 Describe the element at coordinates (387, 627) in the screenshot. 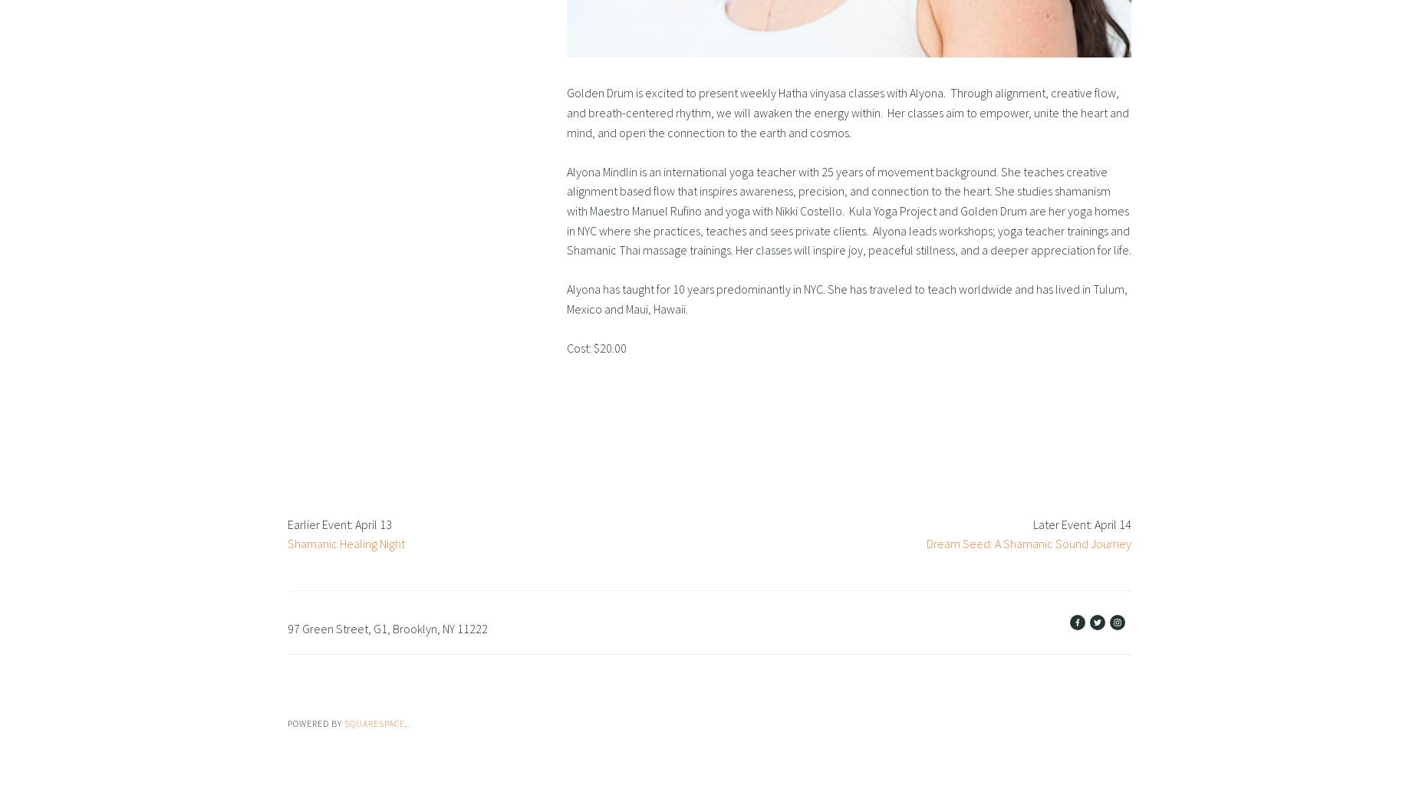

I see `'97 Green Street, G1, Brooklyn, NY 11222'` at that location.